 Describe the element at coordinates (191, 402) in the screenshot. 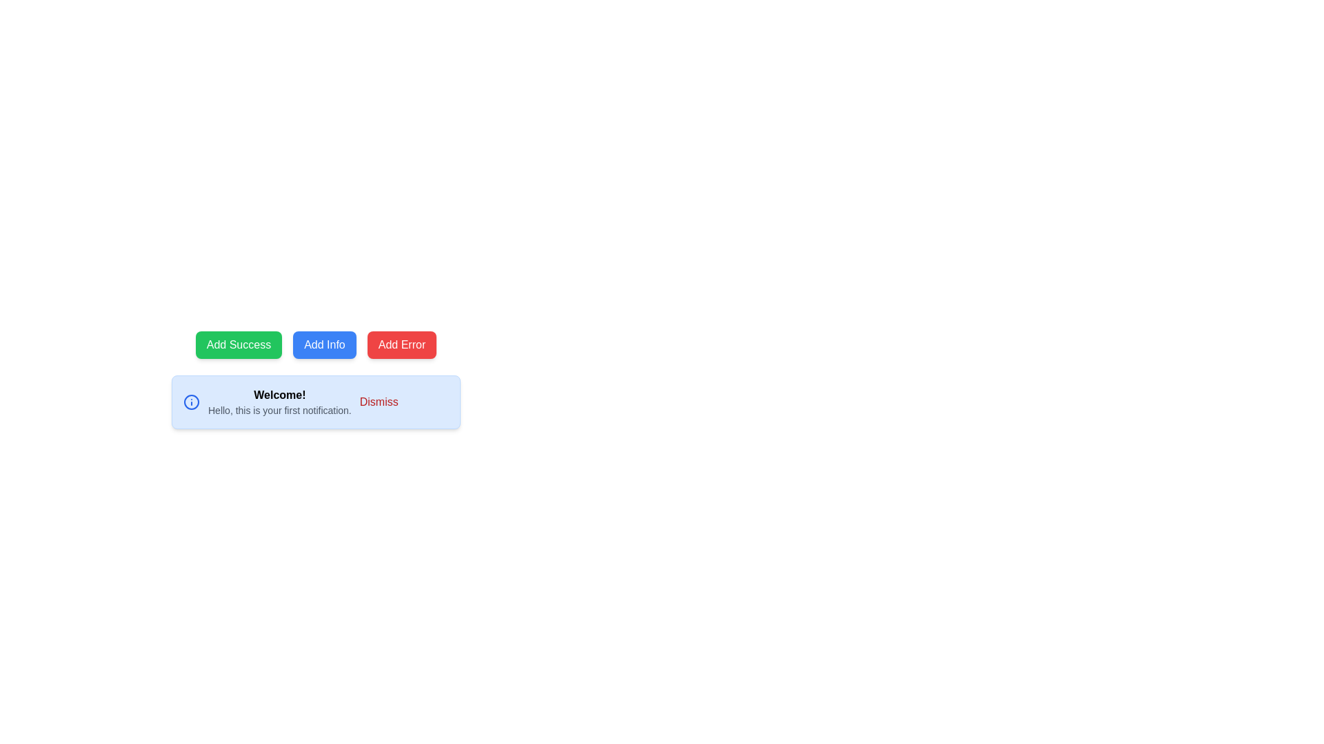

I see `the informational notification icon located in the top-left corner of the notification box adjacent to the text 'Welcome!'` at that location.